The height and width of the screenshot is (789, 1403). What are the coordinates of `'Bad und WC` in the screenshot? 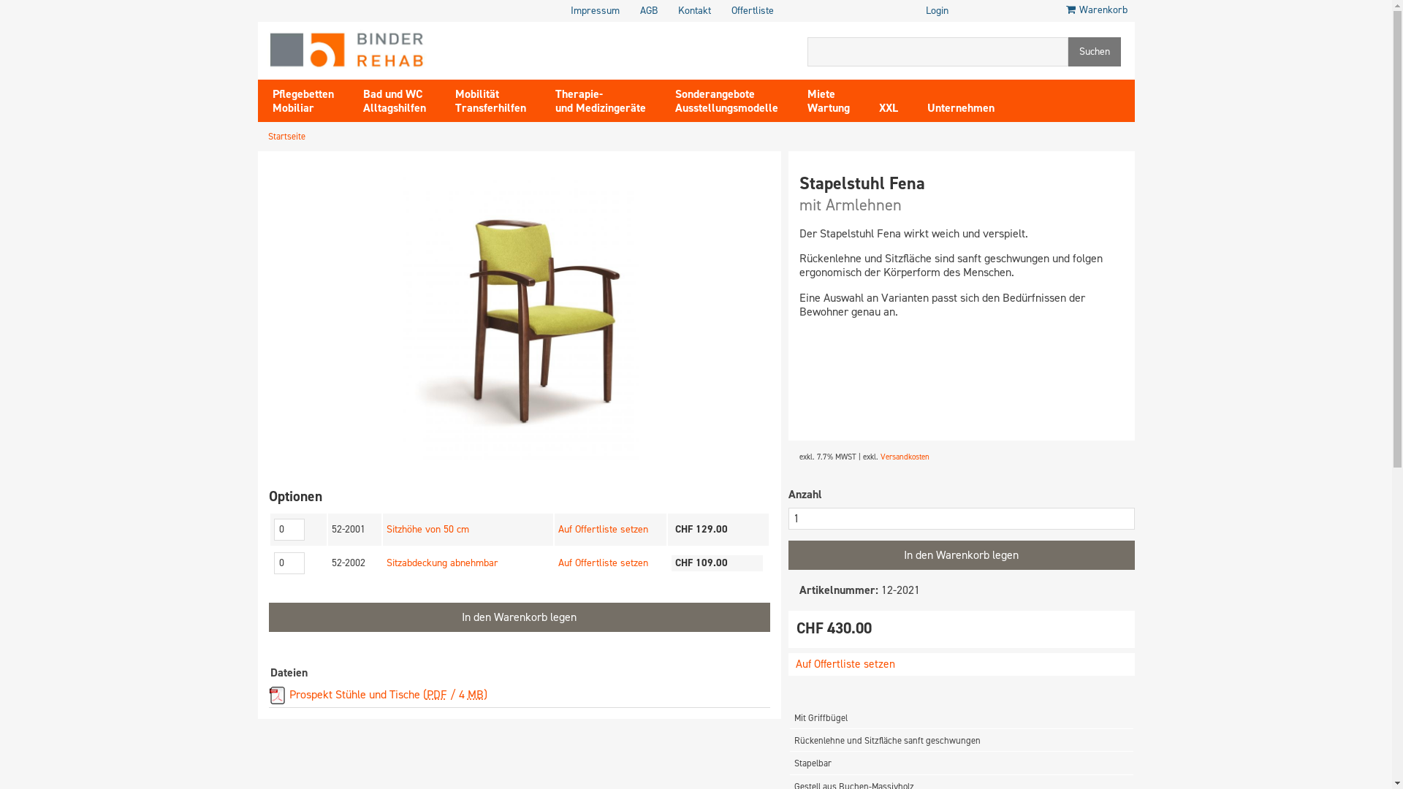 It's located at (346, 99).